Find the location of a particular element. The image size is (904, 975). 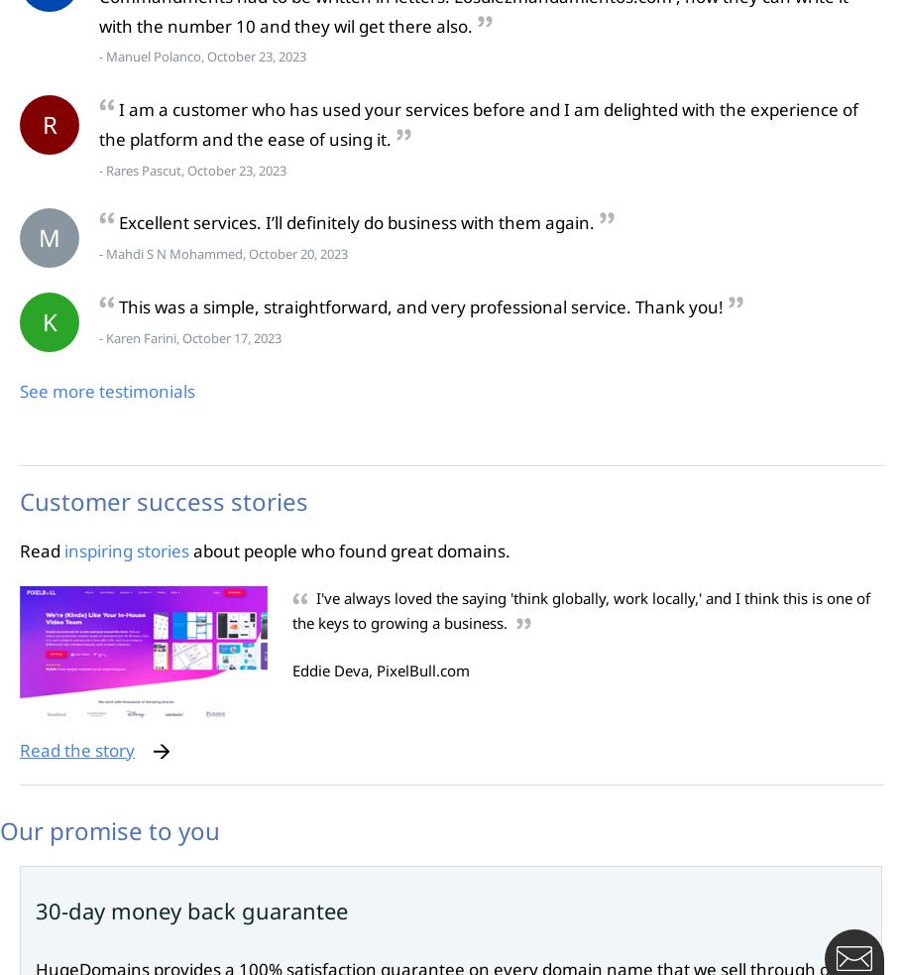

'Read the story' is located at coordinates (76, 748).